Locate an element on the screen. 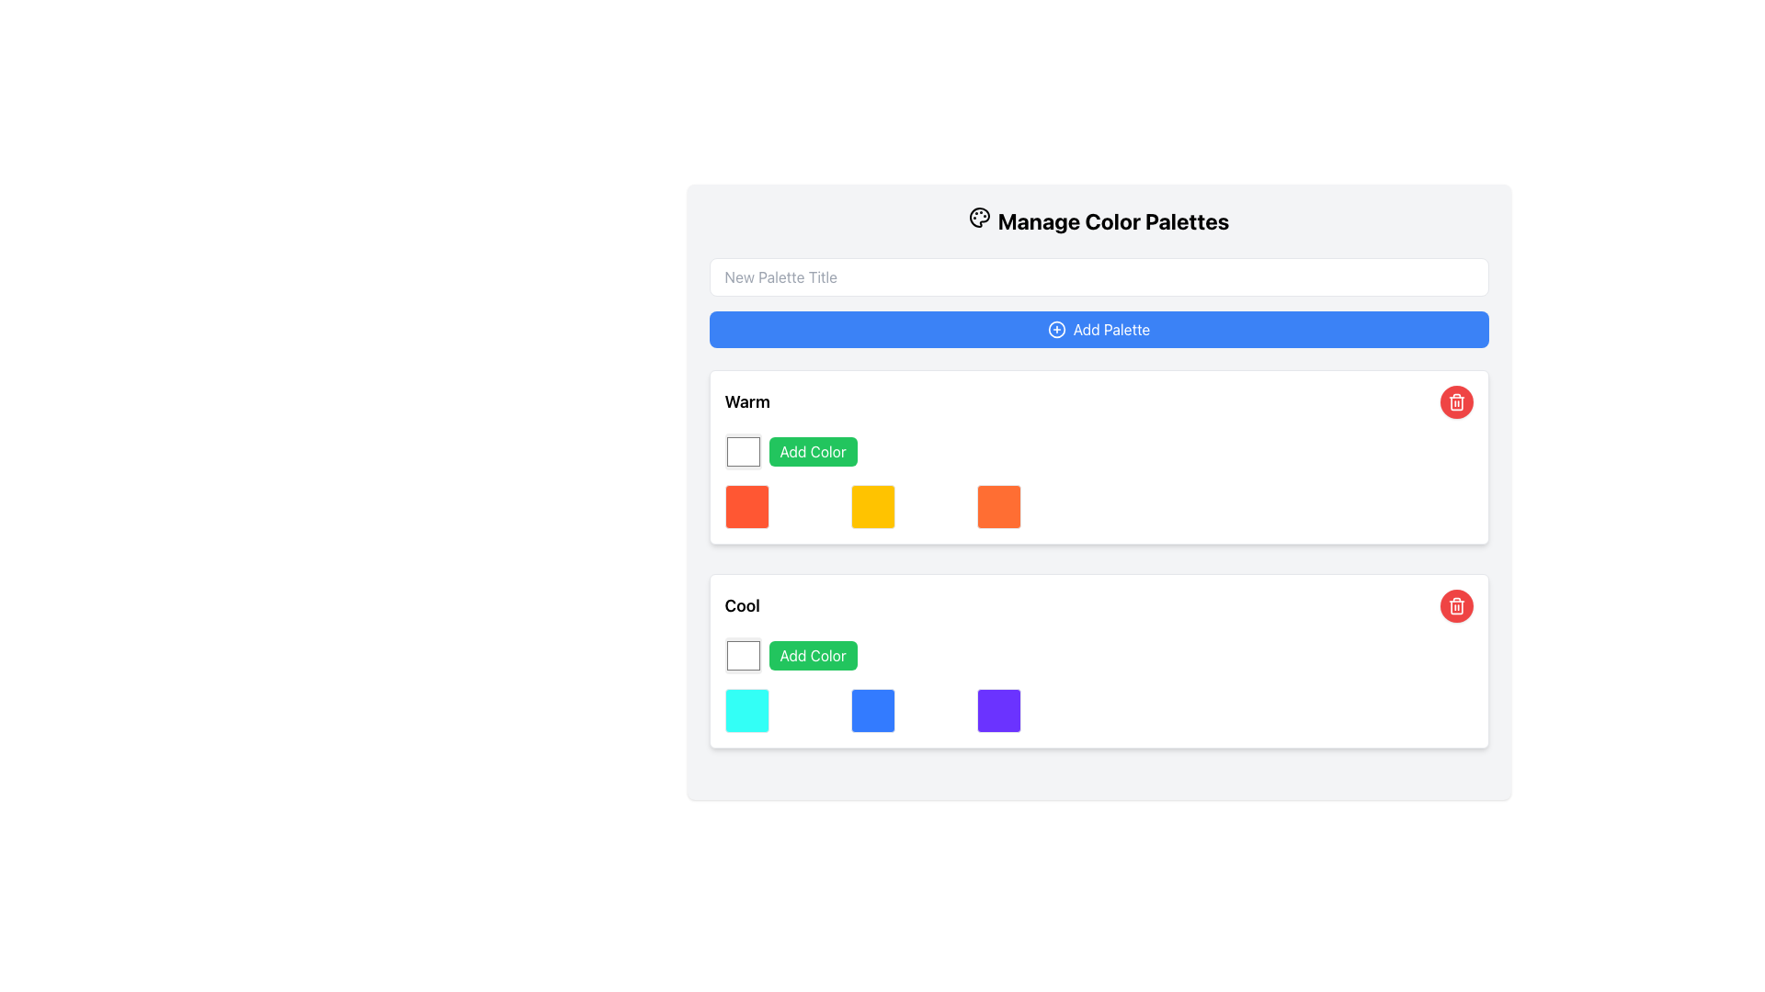 The width and height of the screenshot is (1765, 992). the circular blue icon with a white plus symbol that is positioned to the left of the 'Add Palette' button is located at coordinates (1056, 328).